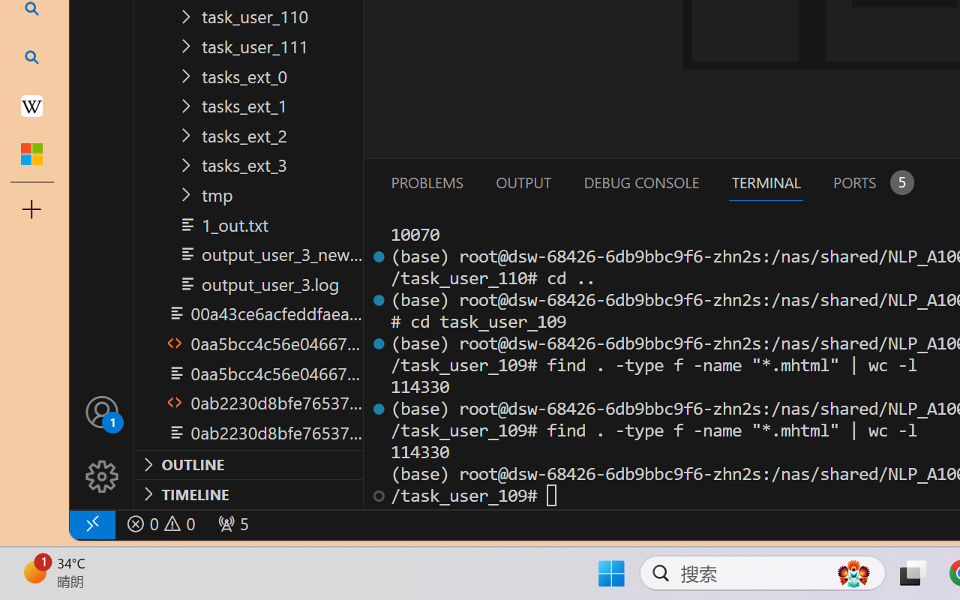 The height and width of the screenshot is (600, 960). Describe the element at coordinates (248, 464) in the screenshot. I see `'Outline Section'` at that location.